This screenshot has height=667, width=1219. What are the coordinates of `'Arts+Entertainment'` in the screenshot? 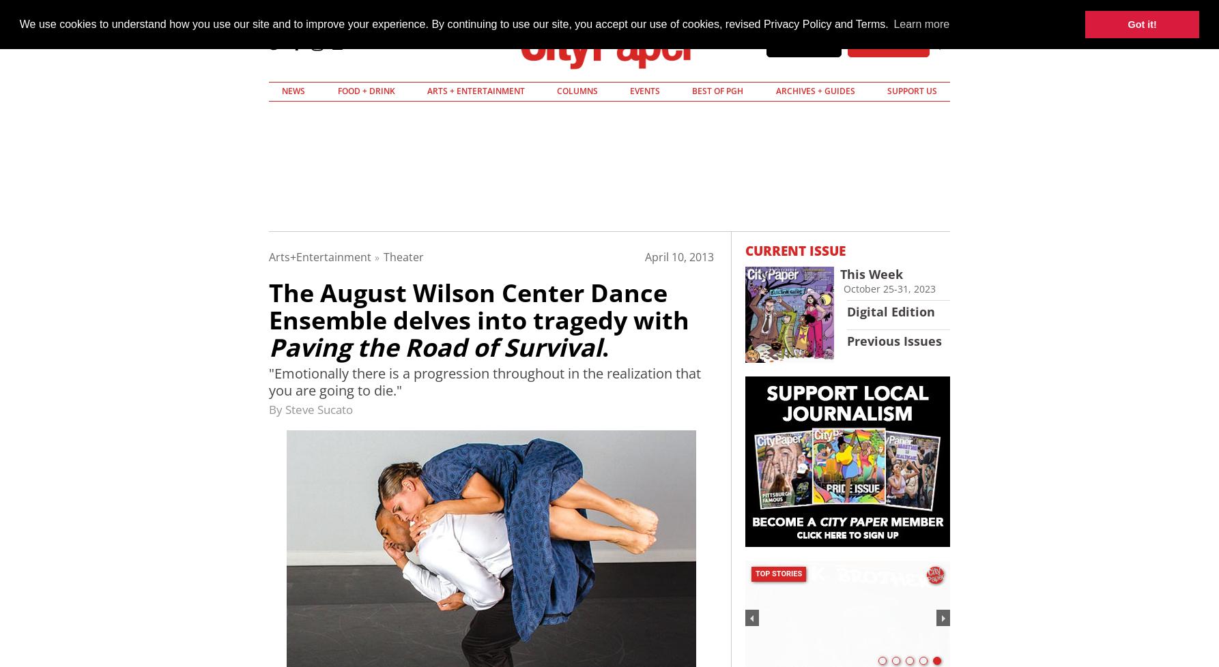 It's located at (268, 256).